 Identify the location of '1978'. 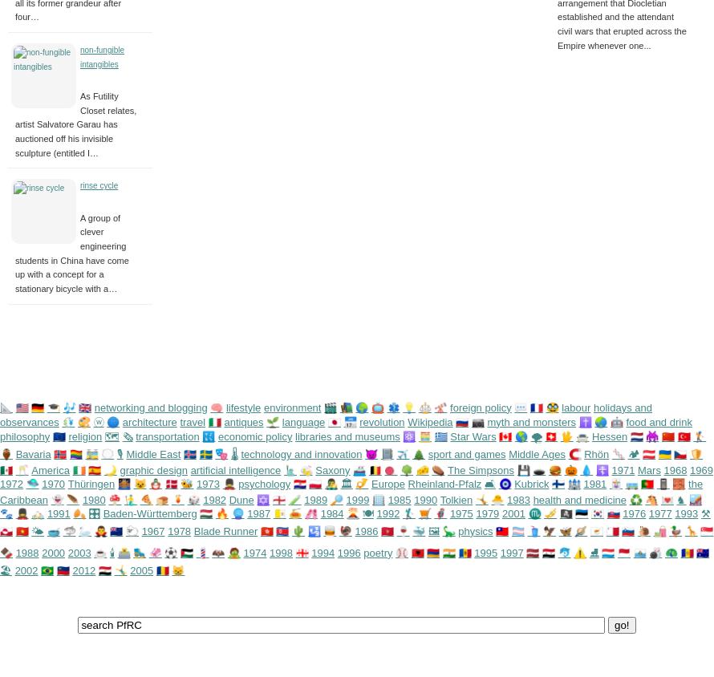
(178, 529).